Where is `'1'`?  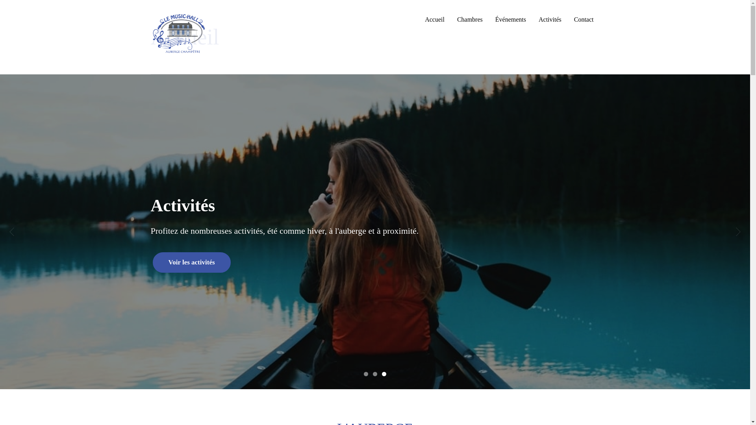 '1' is located at coordinates (365, 373).